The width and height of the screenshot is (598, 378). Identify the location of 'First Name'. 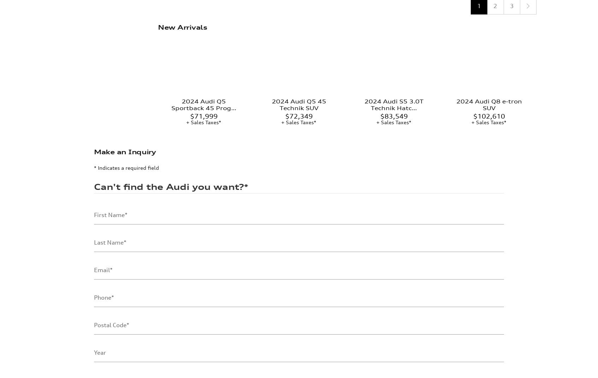
(109, 158).